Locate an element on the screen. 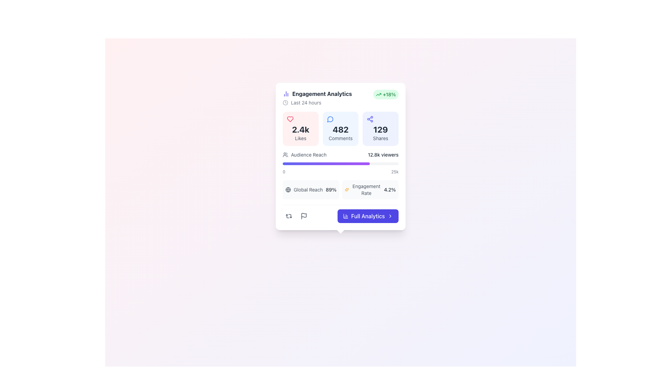  the 'Comments' icon located within the engagement statistics card, positioned above the text '482 Comments' is located at coordinates (330, 119).